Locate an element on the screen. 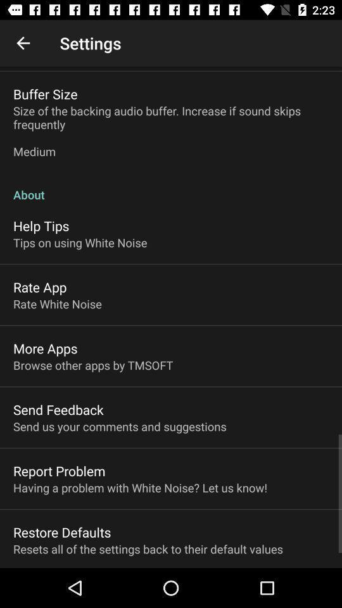 The height and width of the screenshot is (608, 342). the item below the rate white noise item is located at coordinates (44, 348).